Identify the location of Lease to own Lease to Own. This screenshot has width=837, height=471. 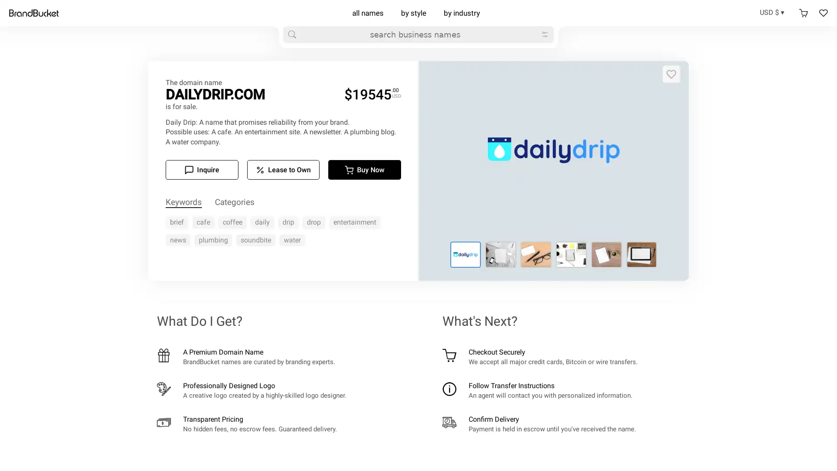
(283, 170).